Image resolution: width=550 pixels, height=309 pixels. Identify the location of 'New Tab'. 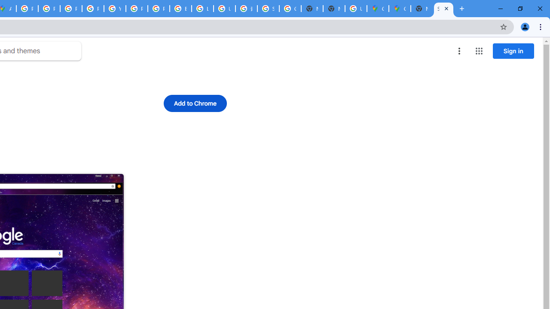
(422, 9).